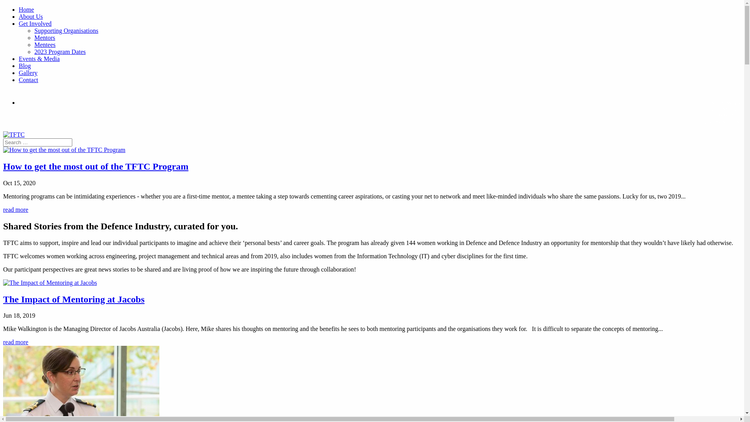 The width and height of the screenshot is (750, 422). I want to click on 'Gallery', so click(28, 73).